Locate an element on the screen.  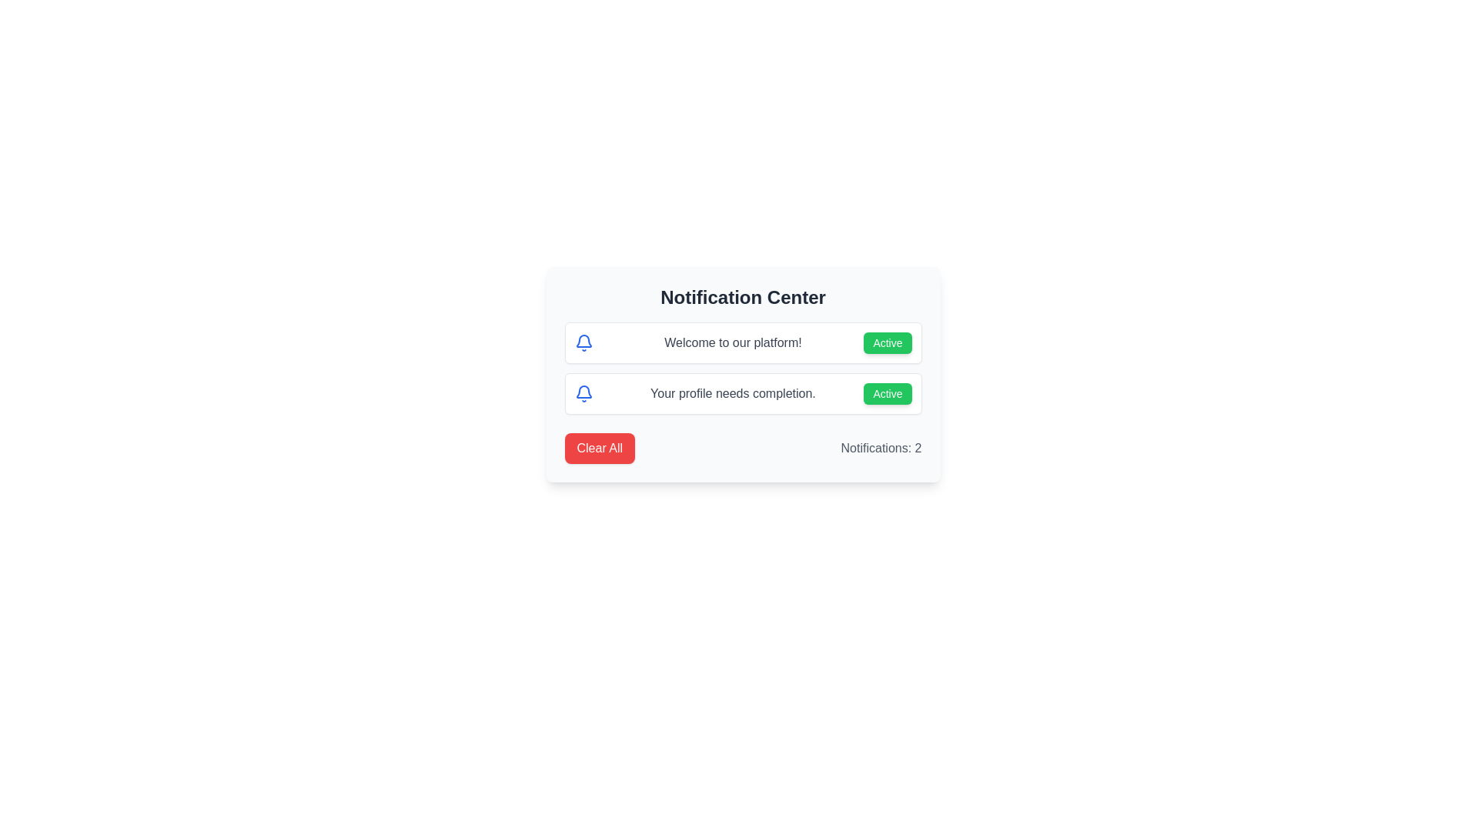
the button on the far left side of the notification center to clear all notifications is located at coordinates (599, 448).